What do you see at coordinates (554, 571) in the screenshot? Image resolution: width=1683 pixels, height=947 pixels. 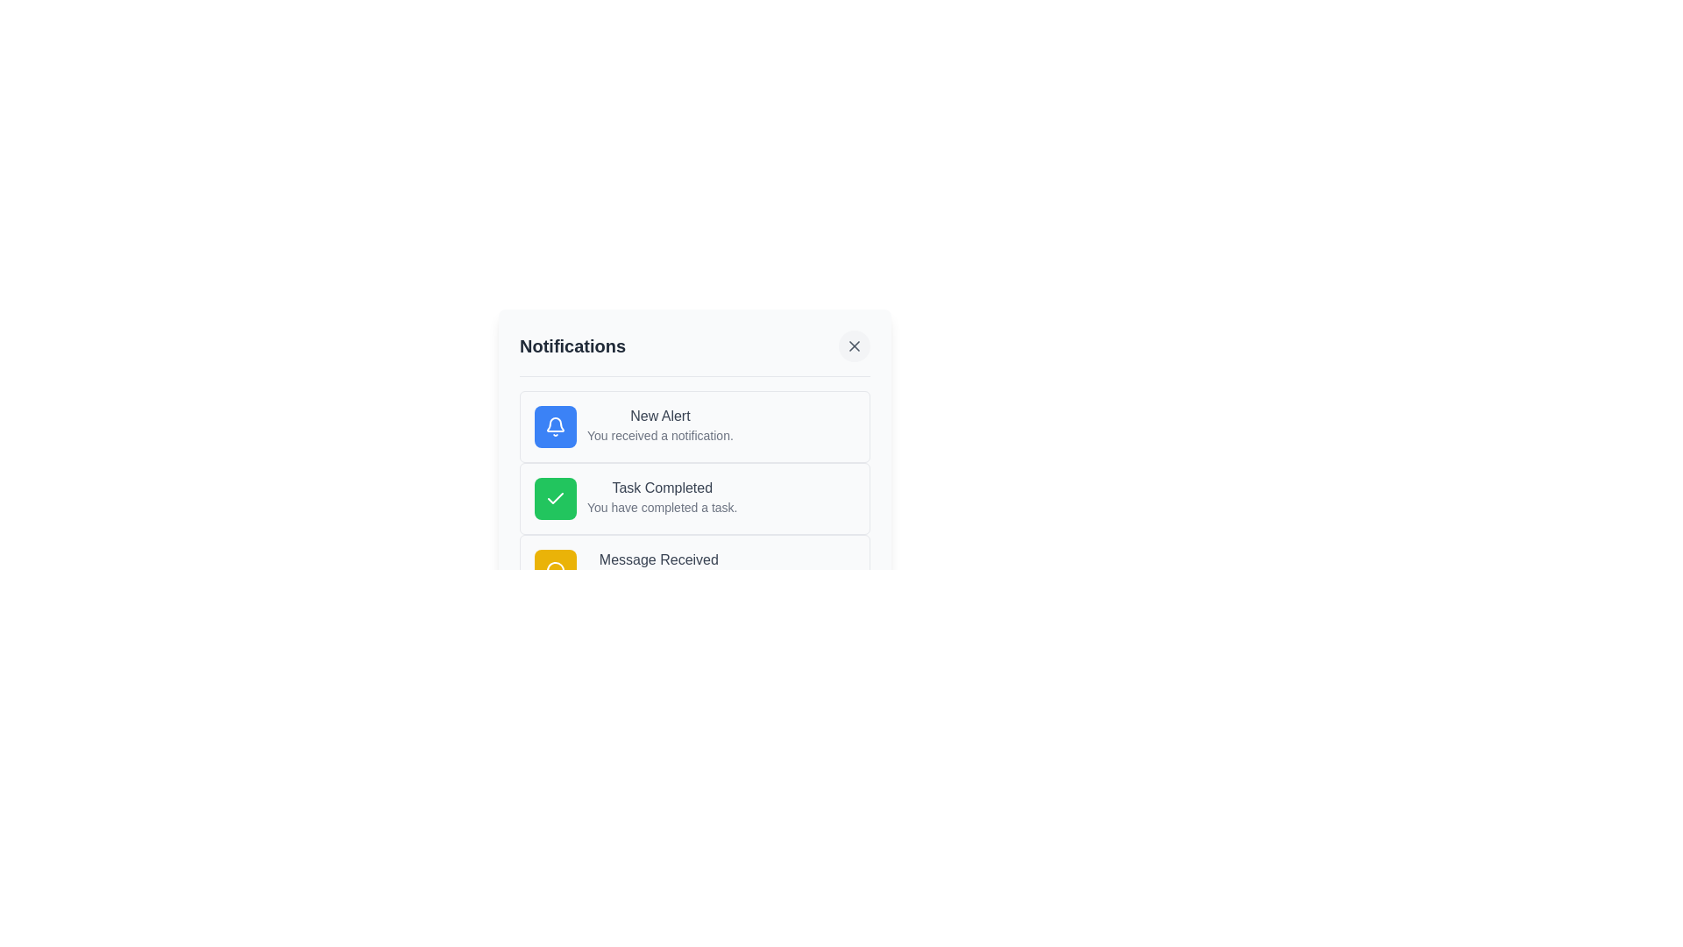 I see `the icon representing incoming messages or chat notifications located at the bottom-left corner of the third notification entry, under the 'Message Received' text` at bounding box center [554, 571].